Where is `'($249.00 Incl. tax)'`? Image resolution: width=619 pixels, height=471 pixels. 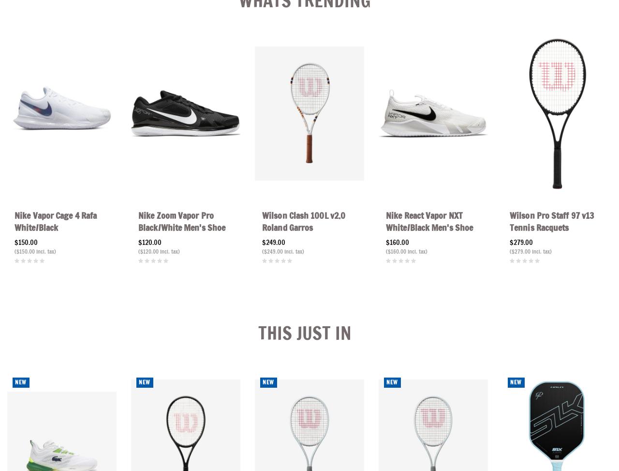
'($249.00 Incl. tax)' is located at coordinates (282, 251).